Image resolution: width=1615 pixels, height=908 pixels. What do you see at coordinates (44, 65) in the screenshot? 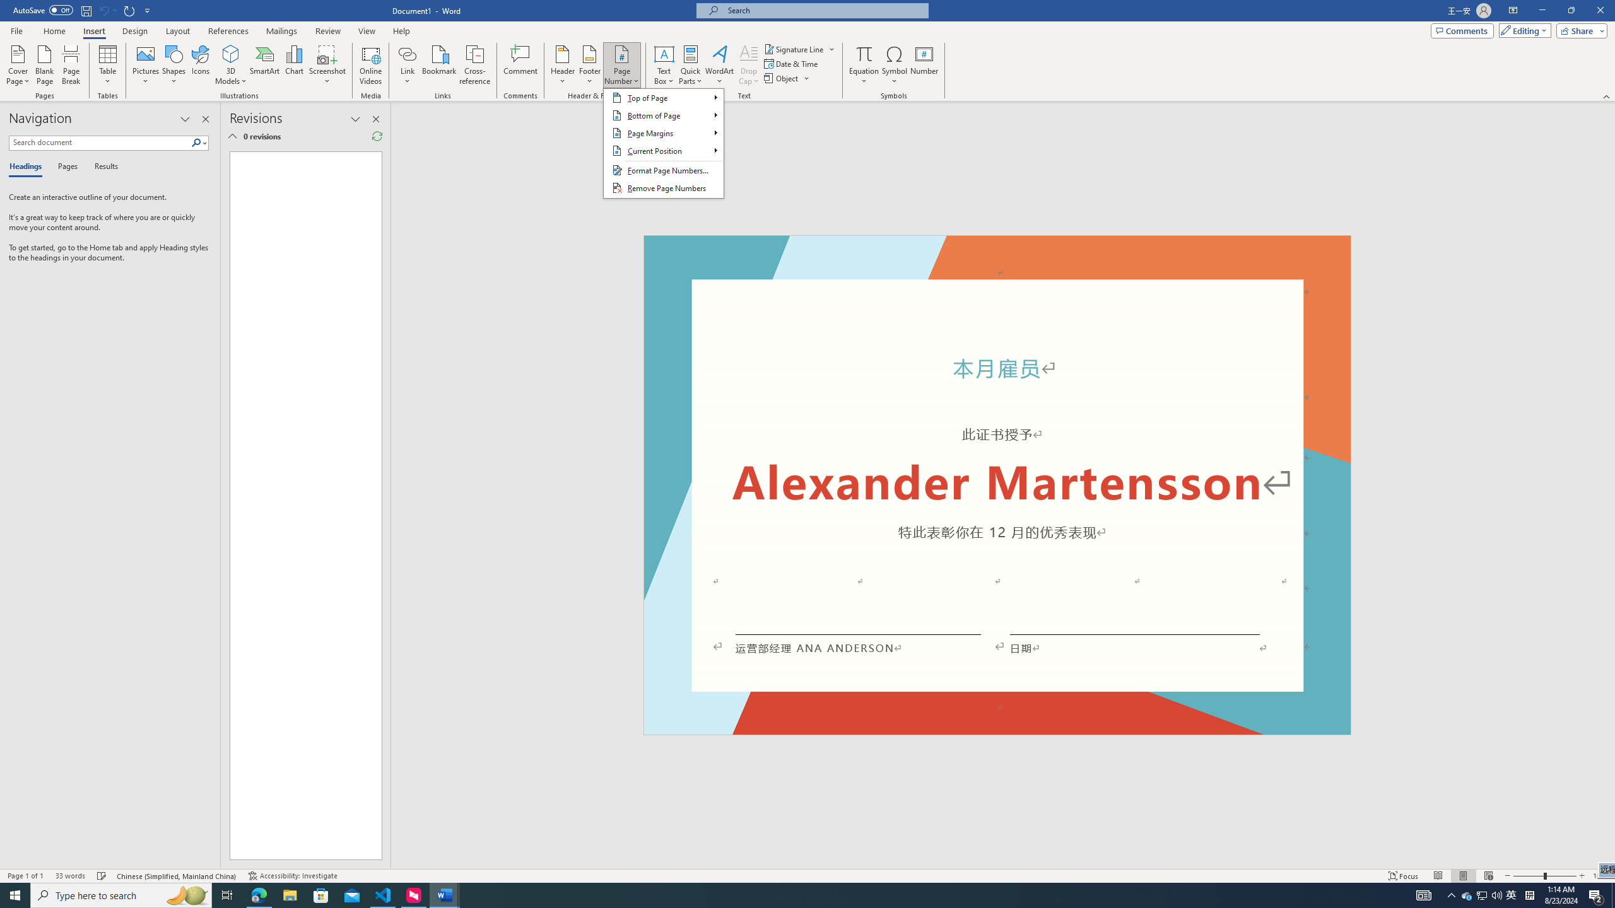
I see `'Blank Page'` at bounding box center [44, 65].